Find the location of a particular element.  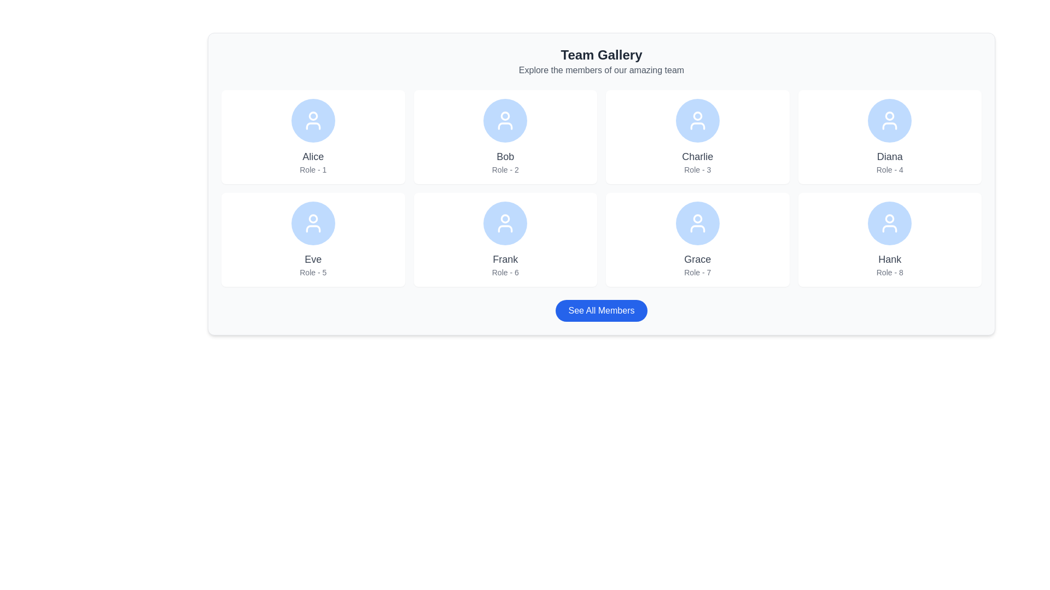

the user icon representing 'Charlie', which is a circular icon with a head and shoulders figure in white against a blue background, located in the team gallery grid is located at coordinates (697, 120).